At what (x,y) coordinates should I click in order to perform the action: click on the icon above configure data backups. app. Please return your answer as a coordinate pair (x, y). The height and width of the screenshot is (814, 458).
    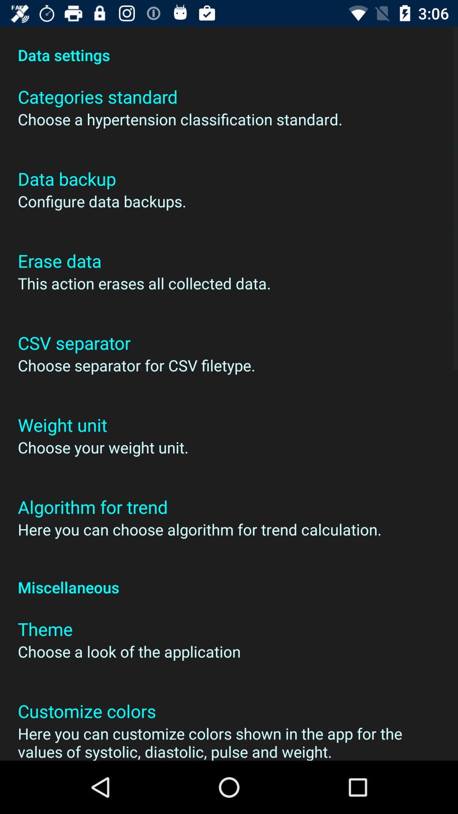
    Looking at the image, I should click on (66, 178).